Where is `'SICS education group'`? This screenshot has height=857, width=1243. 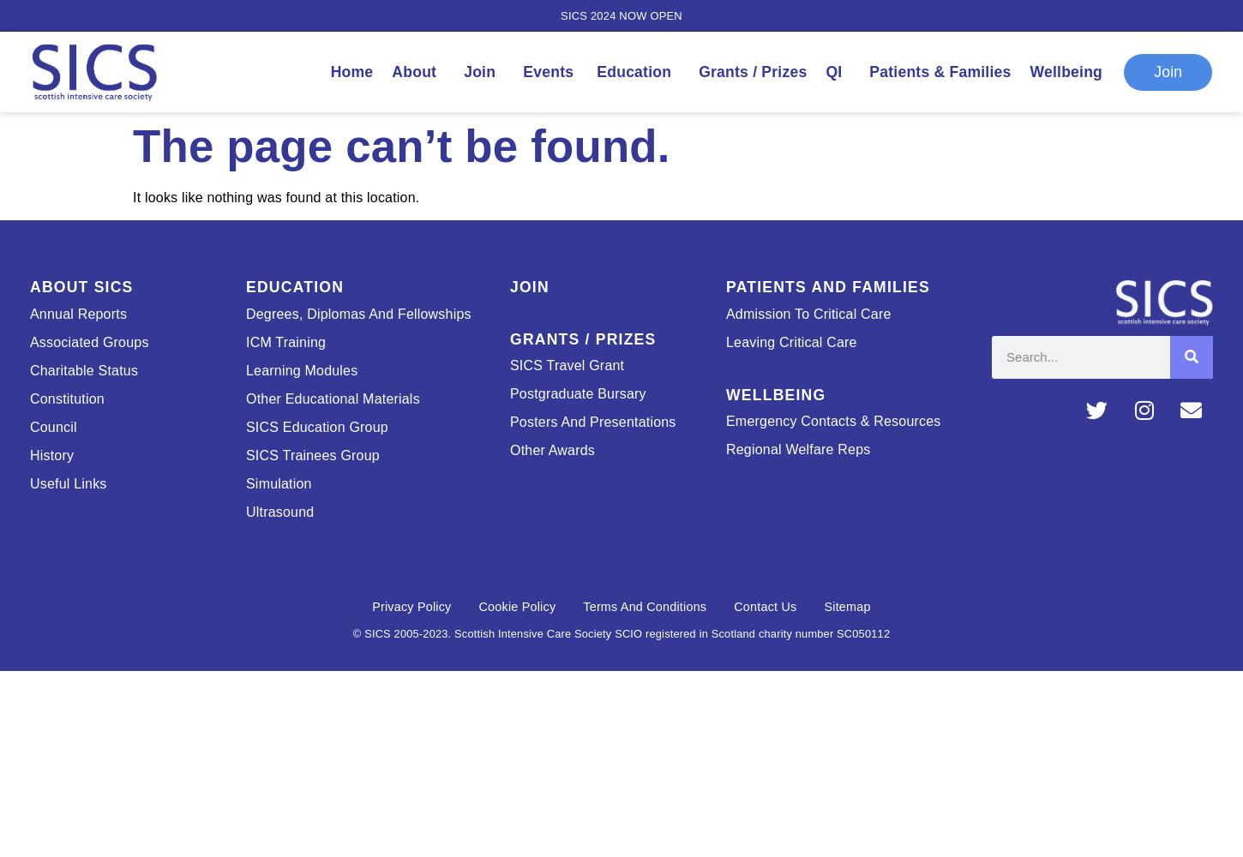
'SICS education group' is located at coordinates (315, 425).